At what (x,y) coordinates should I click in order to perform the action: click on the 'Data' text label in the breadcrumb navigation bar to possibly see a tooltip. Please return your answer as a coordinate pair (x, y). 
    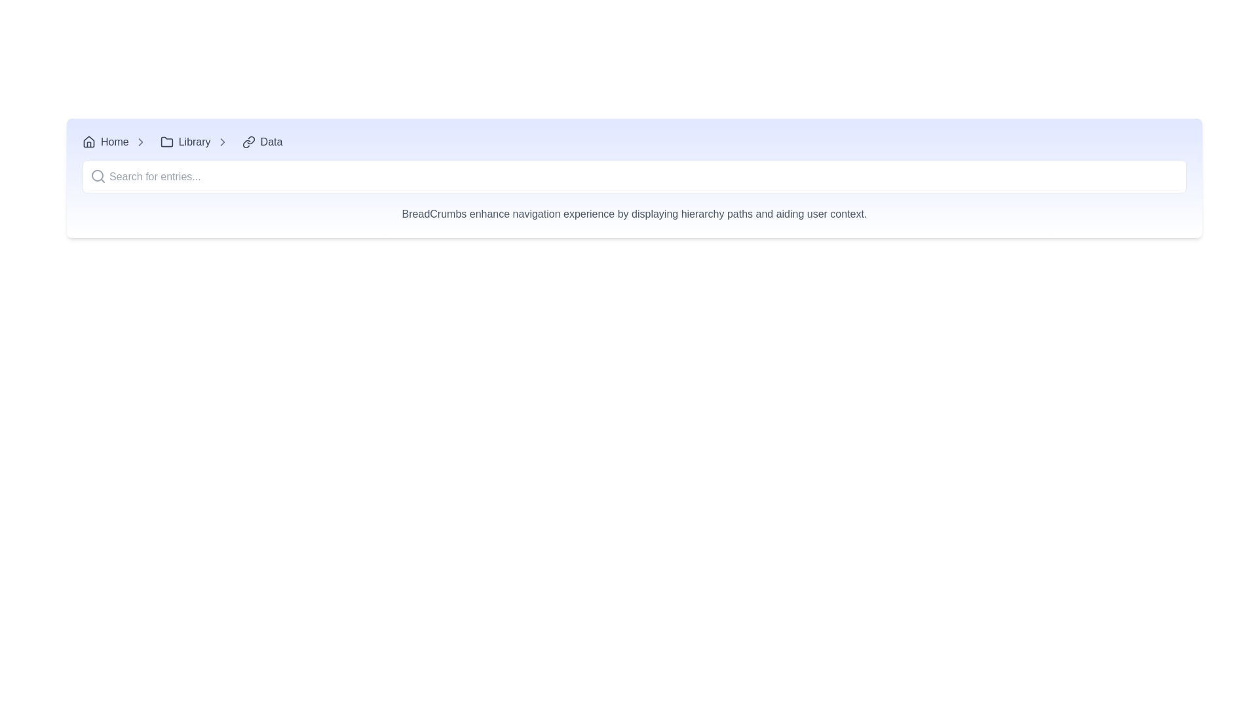
    Looking at the image, I should click on (271, 142).